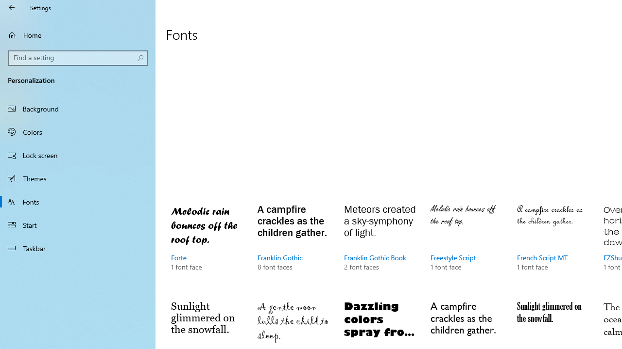  Describe the element at coordinates (78, 247) in the screenshot. I see `'Taskbar'` at that location.